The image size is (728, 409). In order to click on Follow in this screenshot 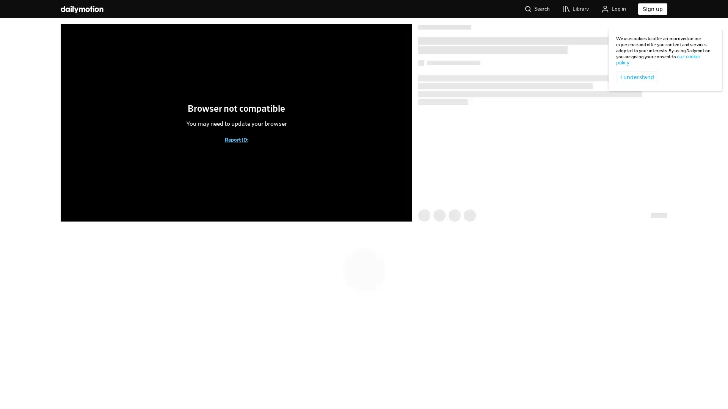, I will do `click(507, 48)`.